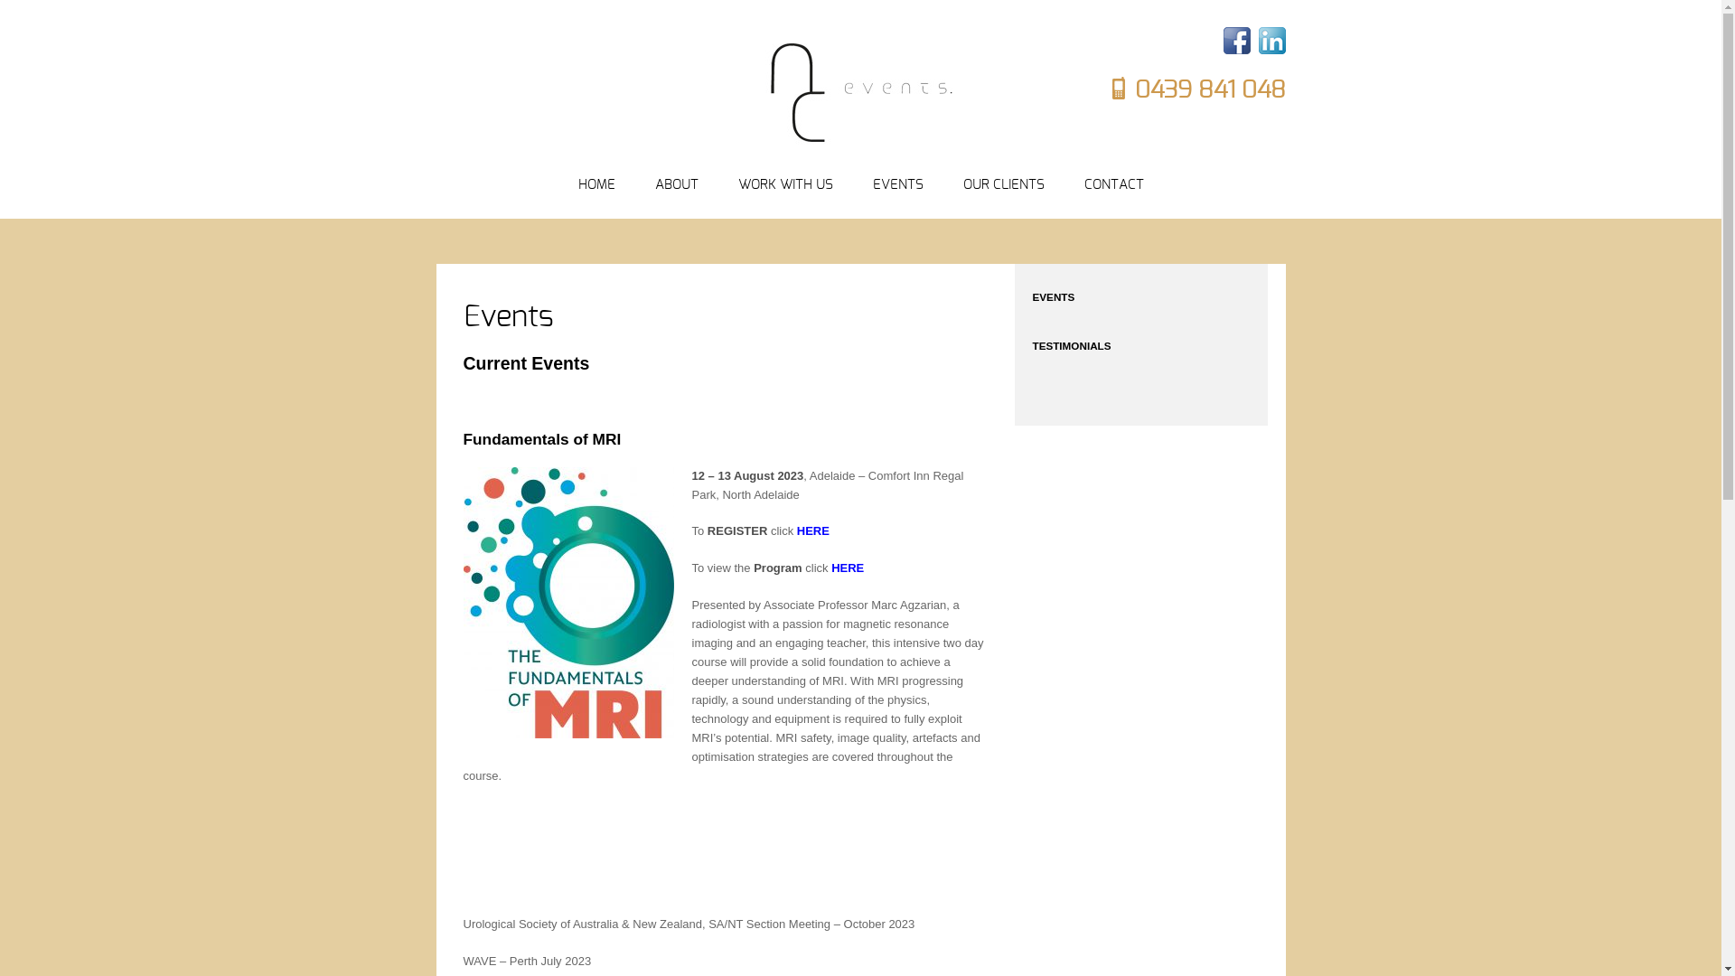 This screenshot has width=1735, height=976. Describe the element at coordinates (812, 530) in the screenshot. I see `'HERE'` at that location.